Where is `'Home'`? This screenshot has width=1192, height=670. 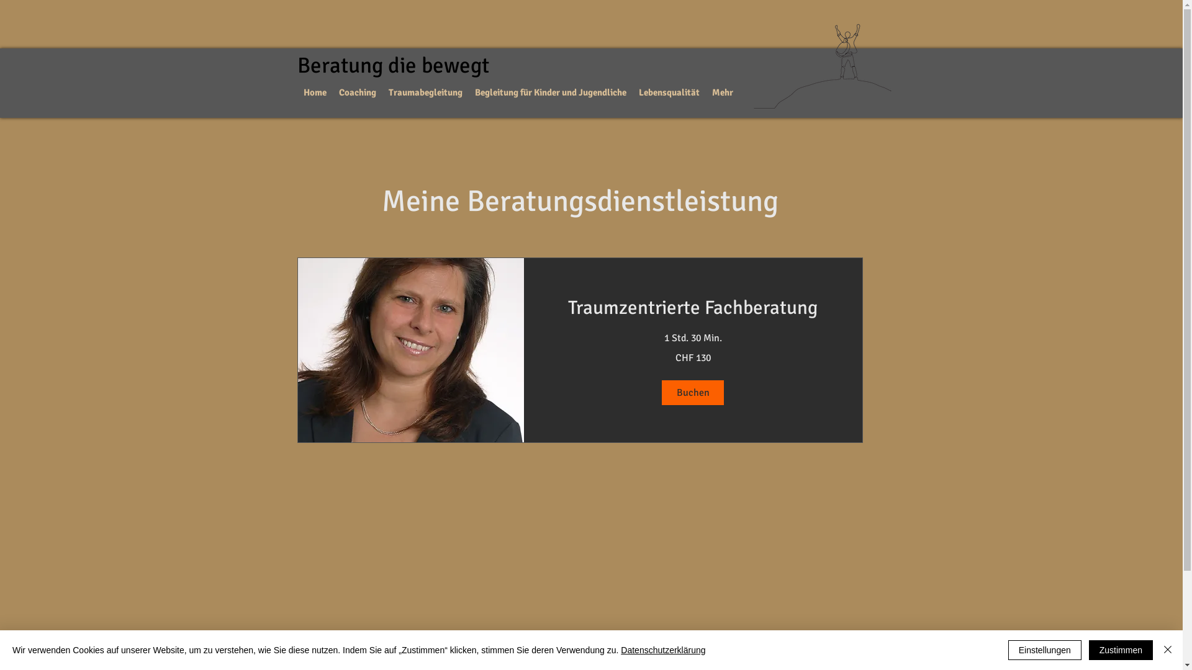 'Home' is located at coordinates (315, 92).